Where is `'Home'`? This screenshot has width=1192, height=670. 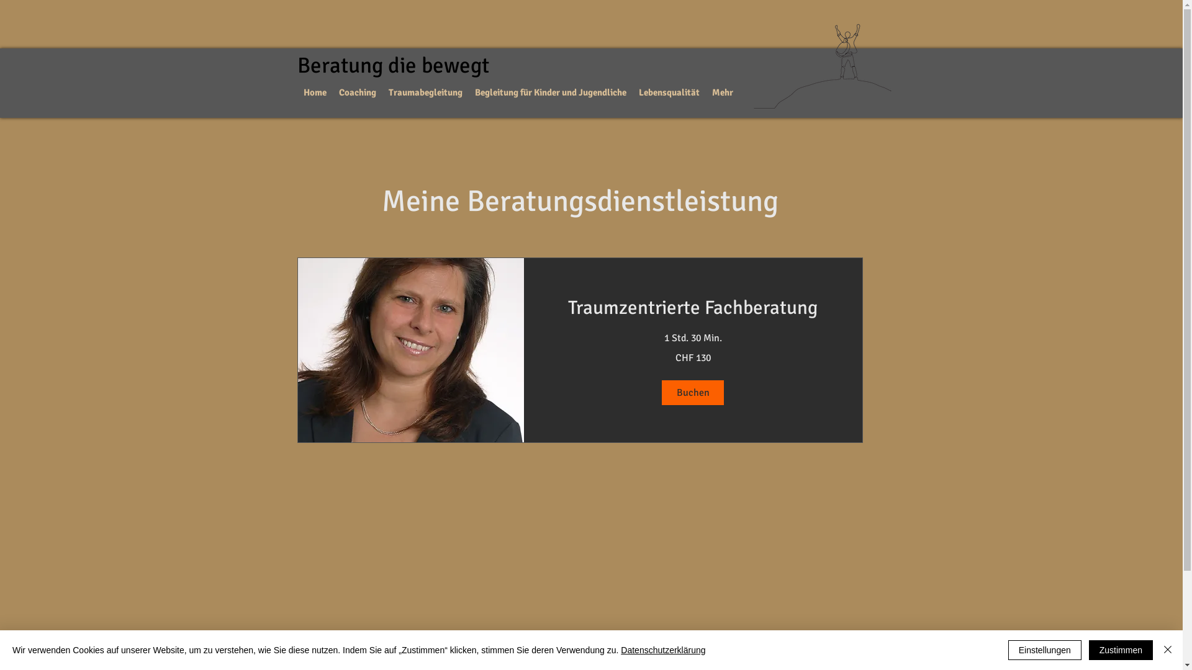 'Home' is located at coordinates (315, 92).